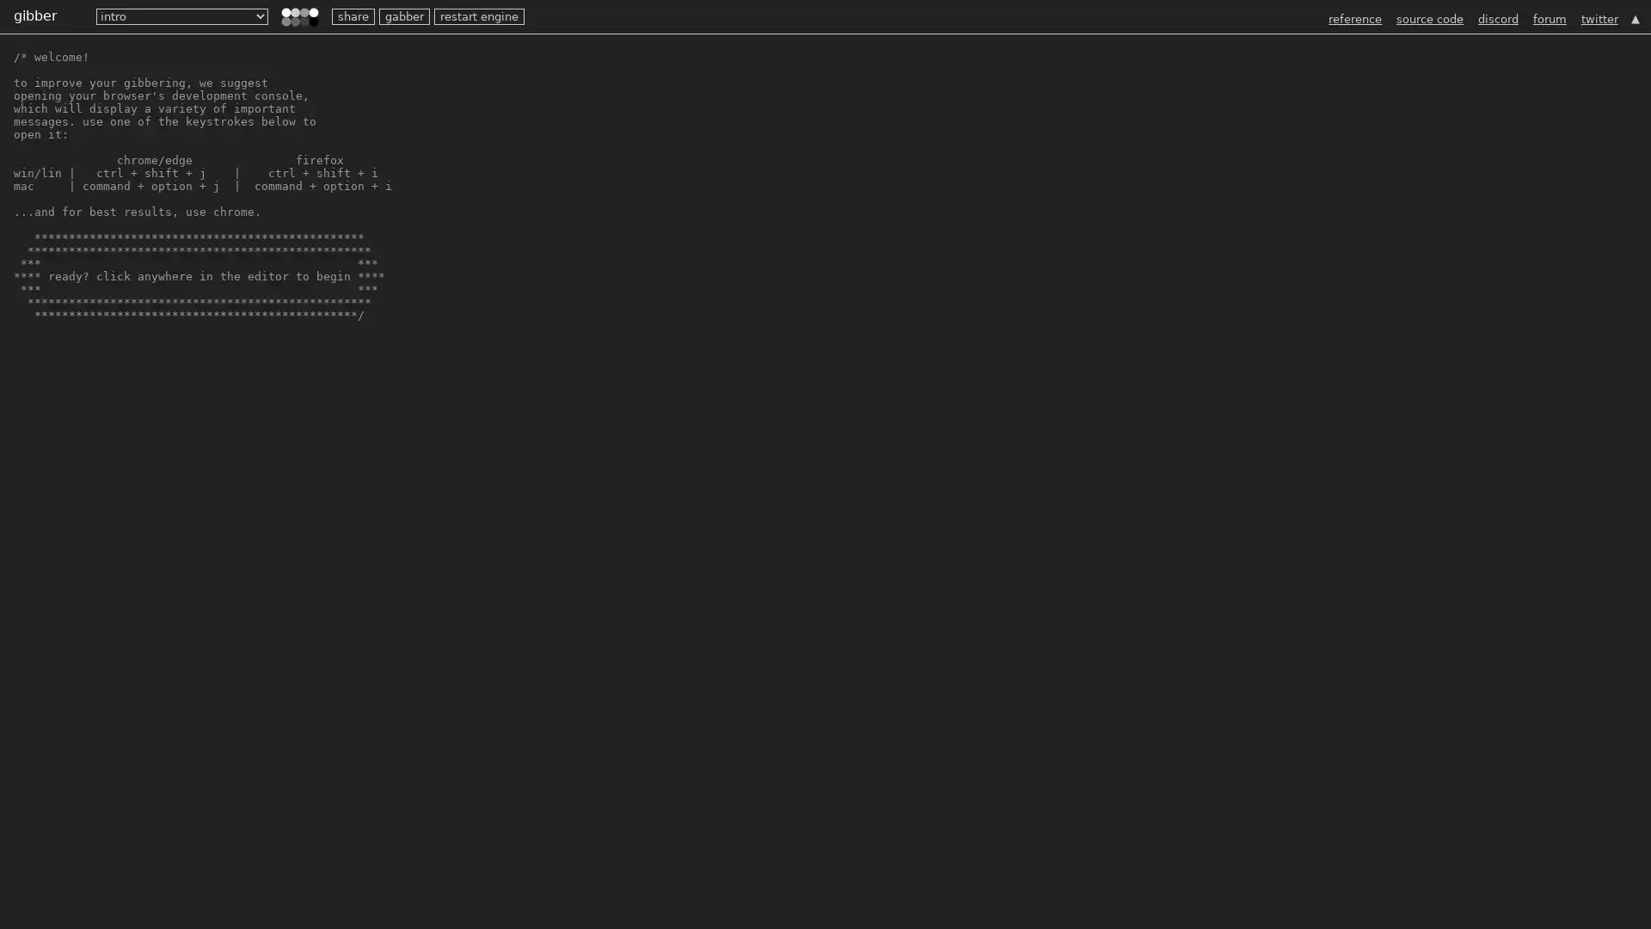 The image size is (1651, 929). What do you see at coordinates (479, 16) in the screenshot?
I see `restart engine` at bounding box center [479, 16].